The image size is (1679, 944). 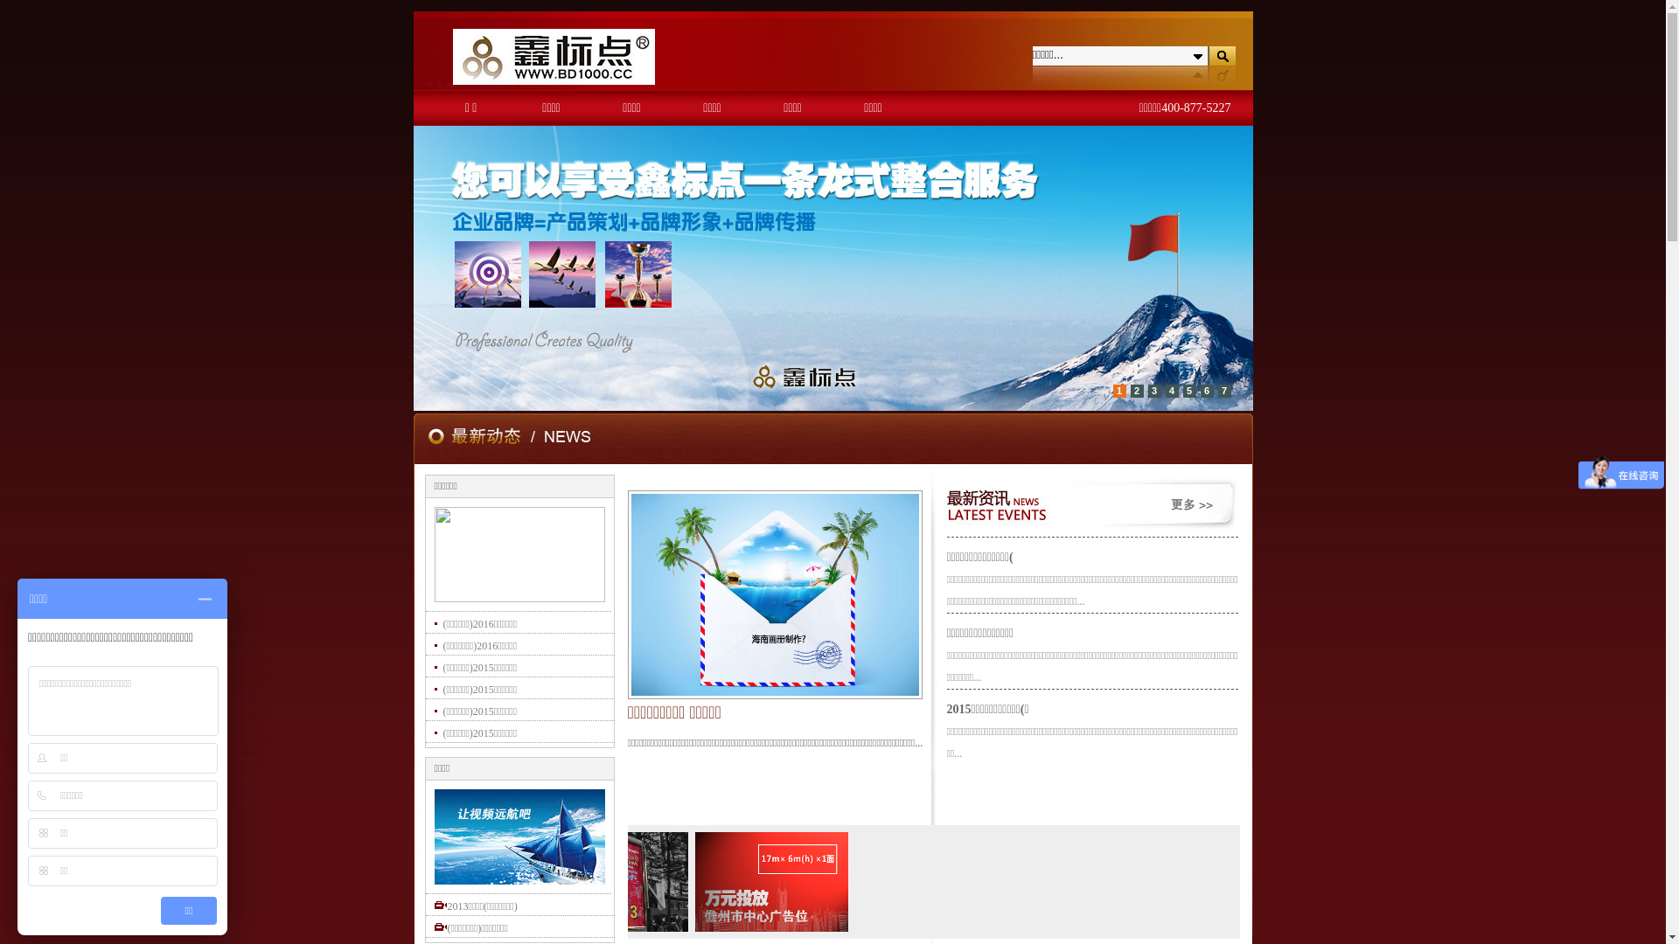 I want to click on '1', so click(x=1118, y=390).